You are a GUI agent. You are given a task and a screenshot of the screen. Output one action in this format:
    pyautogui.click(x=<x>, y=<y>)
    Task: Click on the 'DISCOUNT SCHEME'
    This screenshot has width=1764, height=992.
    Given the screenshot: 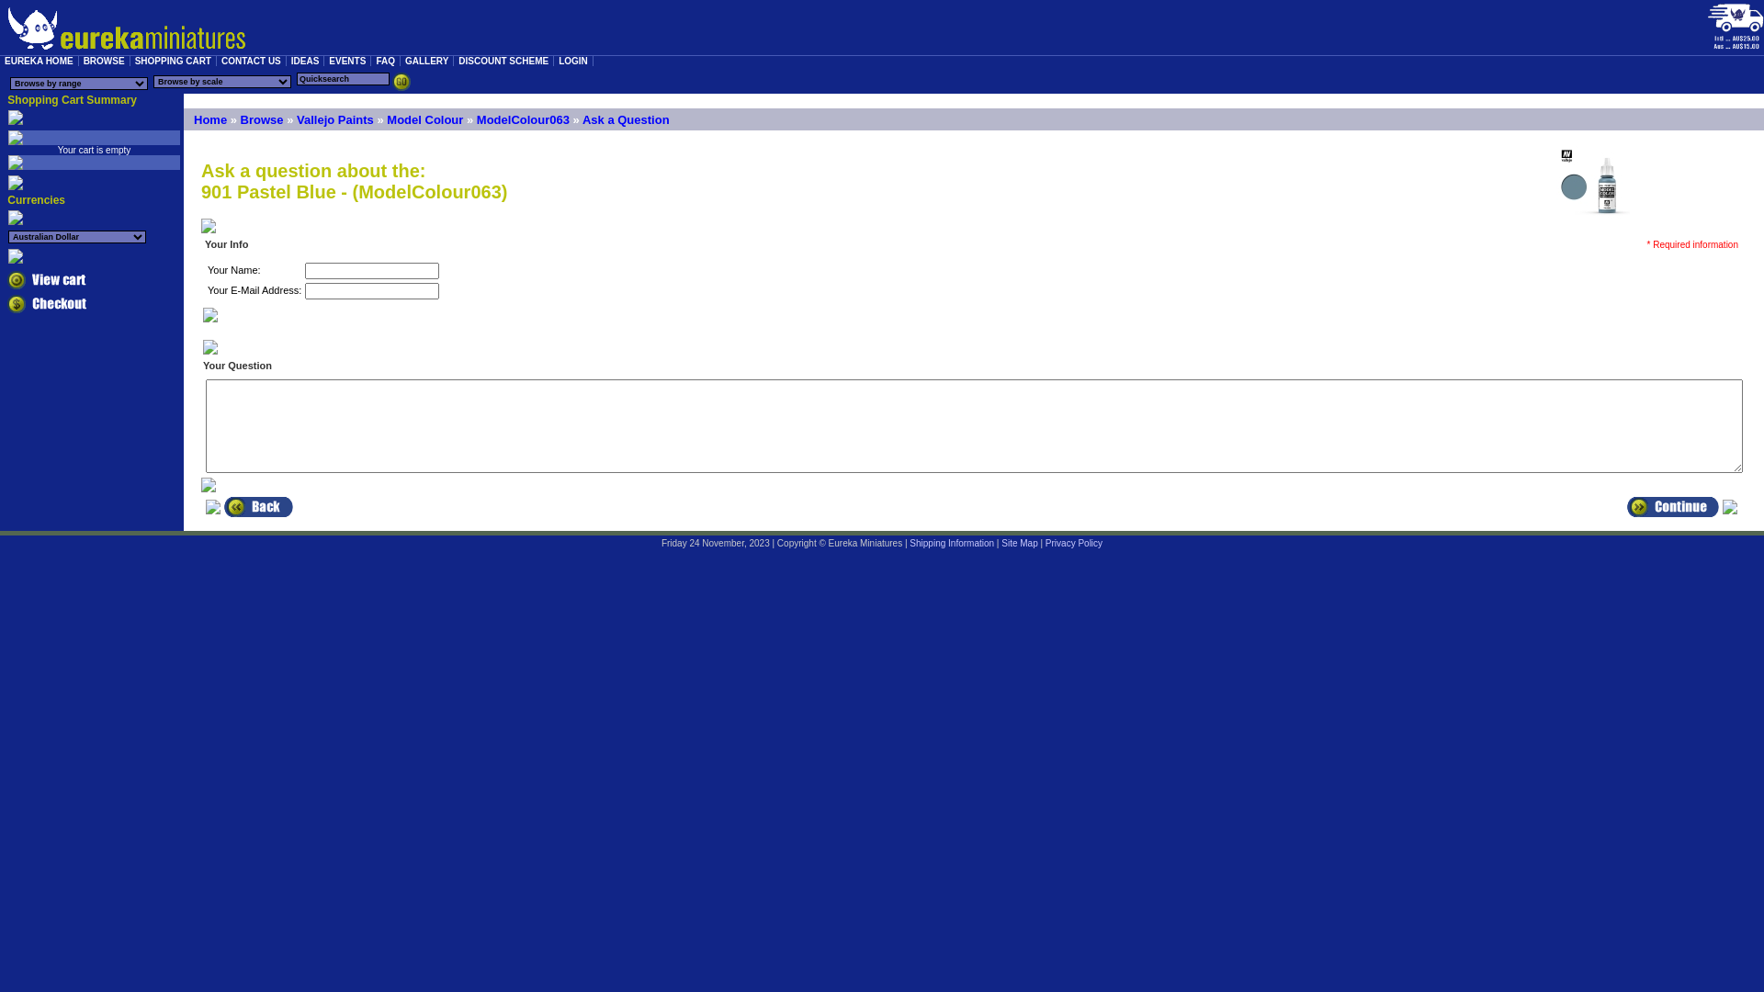 What is the action you would take?
    pyautogui.click(x=503, y=60)
    